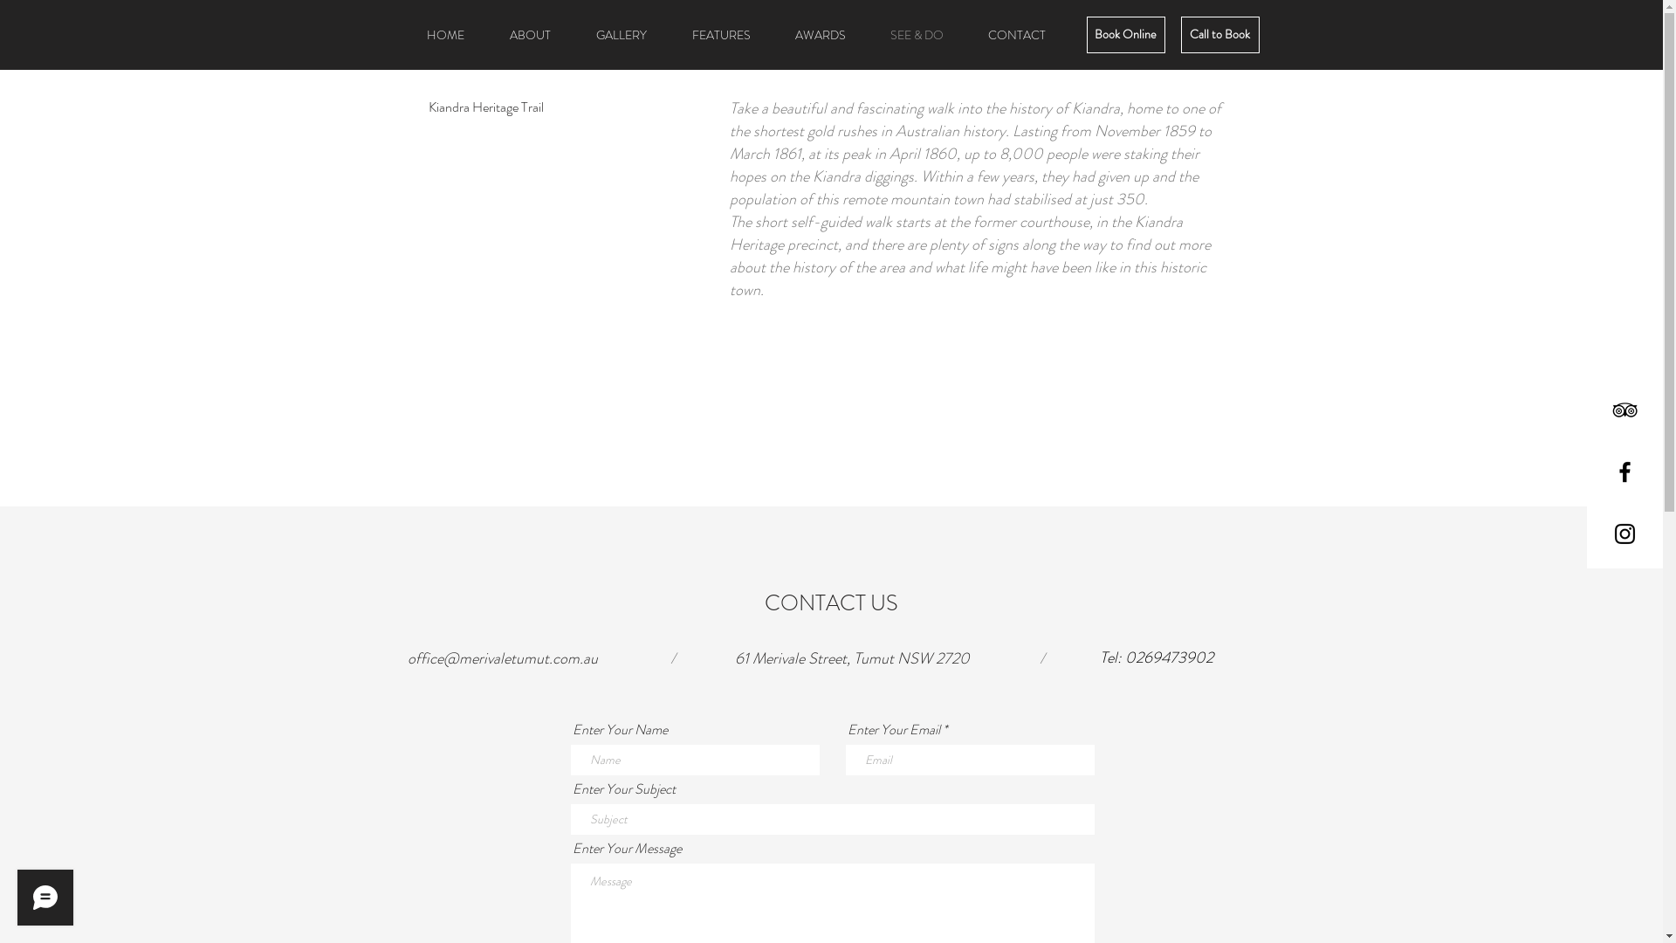 The width and height of the screenshot is (1676, 943). What do you see at coordinates (720, 34) in the screenshot?
I see `'FEATURES'` at bounding box center [720, 34].